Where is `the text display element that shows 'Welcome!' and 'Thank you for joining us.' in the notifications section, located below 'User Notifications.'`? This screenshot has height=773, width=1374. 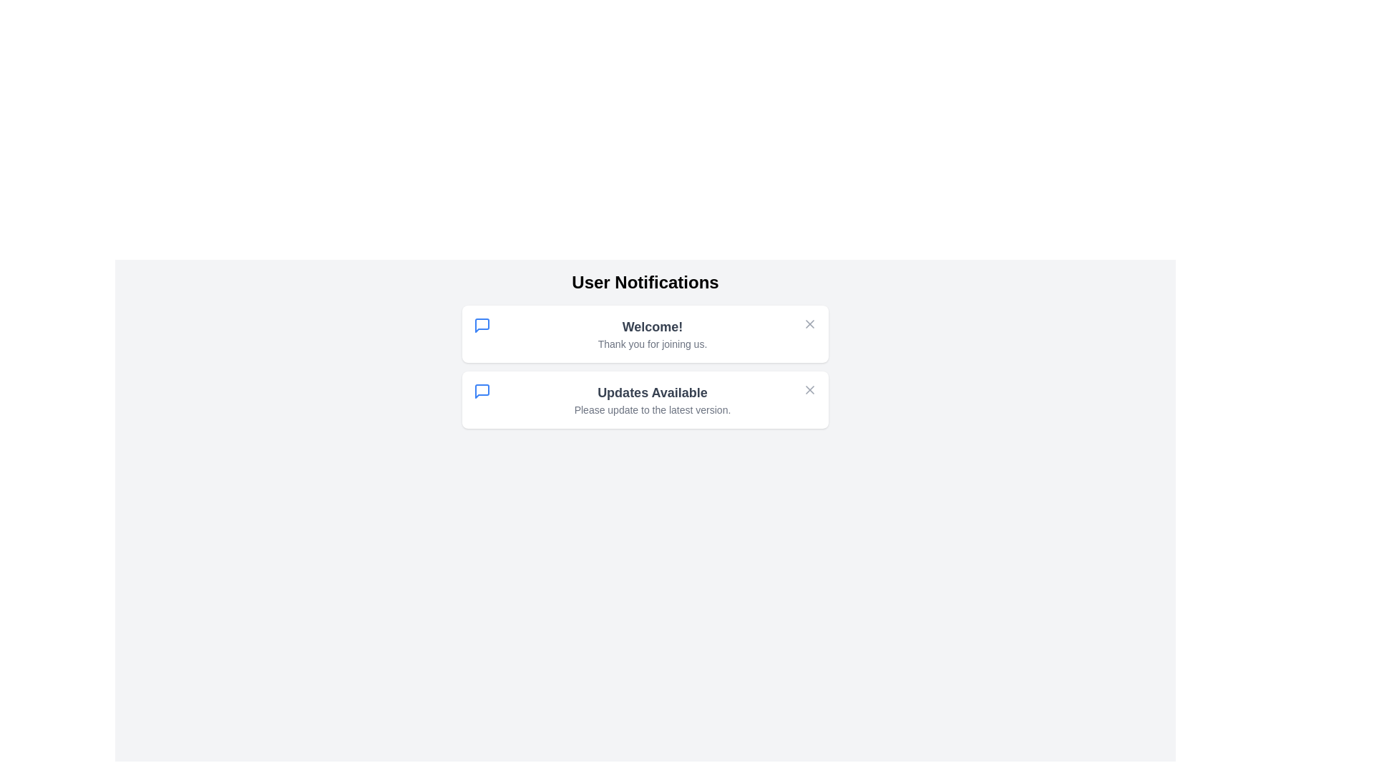 the text display element that shows 'Welcome!' and 'Thank you for joining us.' in the notifications section, located below 'User Notifications.' is located at coordinates (652, 334).